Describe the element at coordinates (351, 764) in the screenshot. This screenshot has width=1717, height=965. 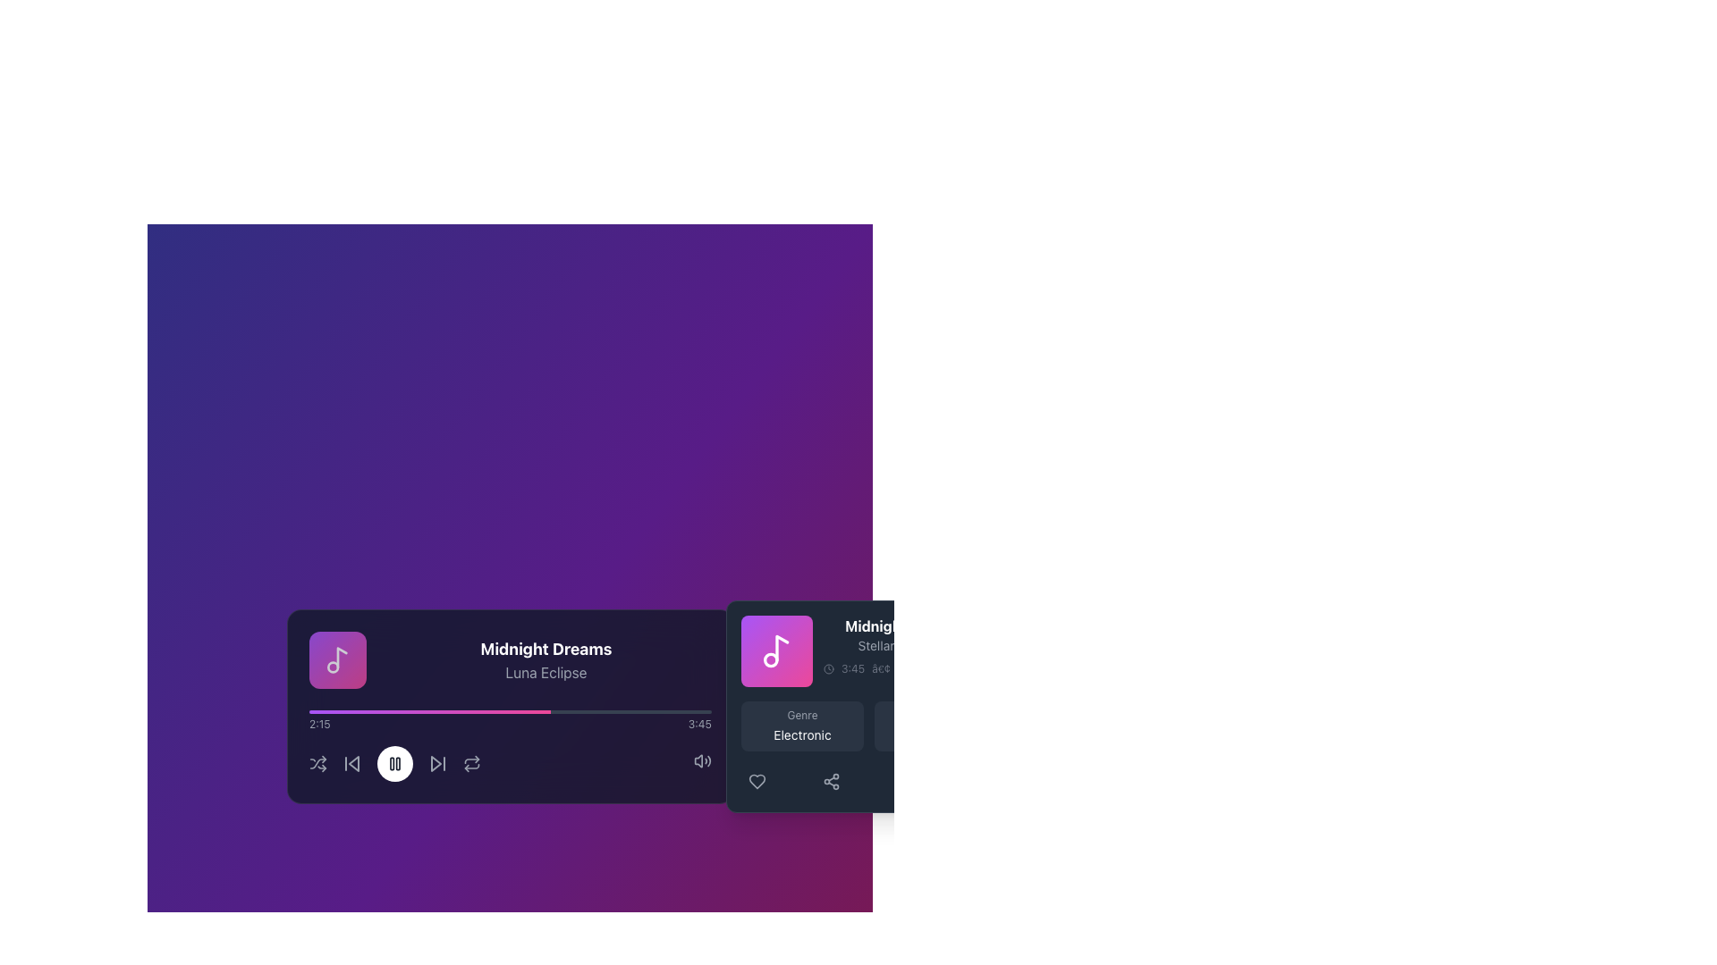
I see `the skip-backward icon button in the music player's control bar to change its color to white` at that location.